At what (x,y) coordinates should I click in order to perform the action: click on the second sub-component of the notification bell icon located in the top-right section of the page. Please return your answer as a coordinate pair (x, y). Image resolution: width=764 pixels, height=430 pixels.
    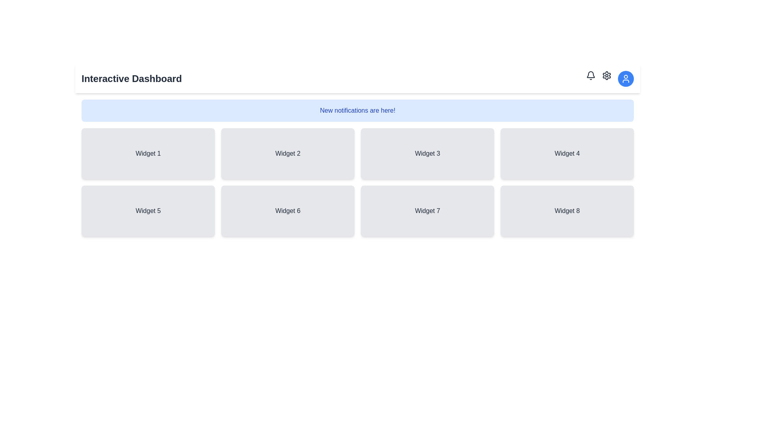
    Looking at the image, I should click on (591, 74).